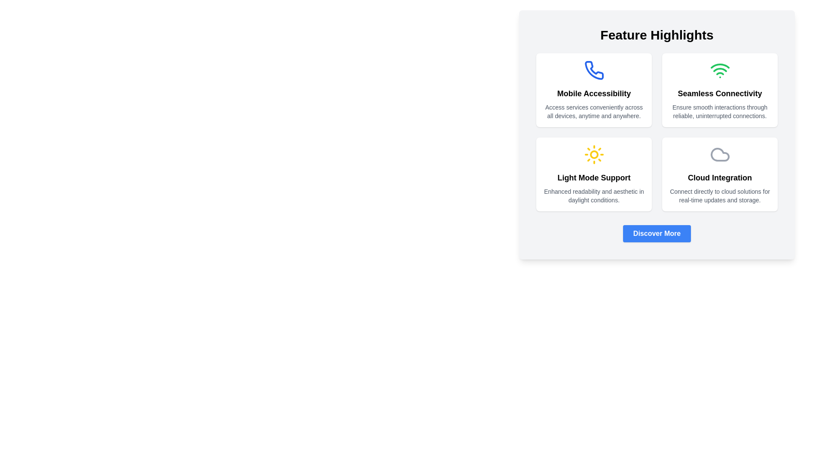 The image size is (825, 464). I want to click on the text block styled with small, centered gray text that reads: 'Enhanced readability and aesthetic in daylight conditions.' located at the bottom of the 'Light Mode Support' card, so click(593, 195).